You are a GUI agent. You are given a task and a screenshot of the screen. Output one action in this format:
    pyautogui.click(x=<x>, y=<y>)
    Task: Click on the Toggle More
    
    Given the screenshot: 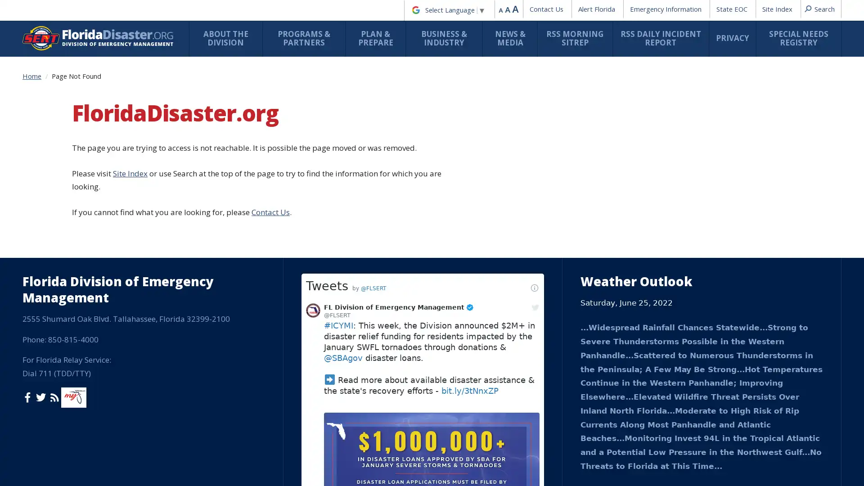 What is the action you would take?
    pyautogui.click(x=451, y=461)
    